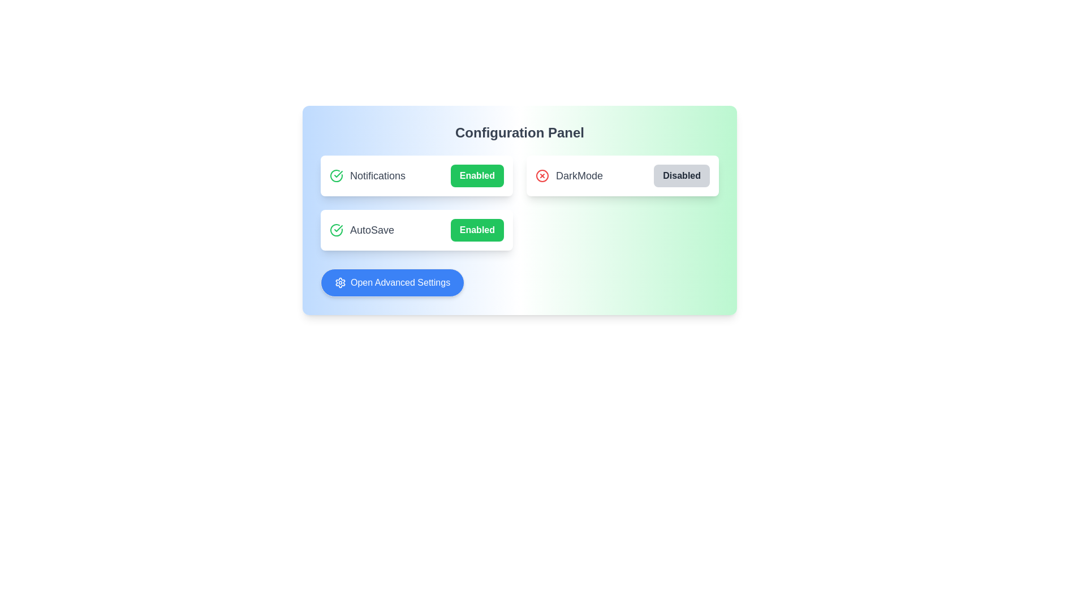  What do you see at coordinates (336, 176) in the screenshot?
I see `the CheckCircle icon to toggle its state` at bounding box center [336, 176].